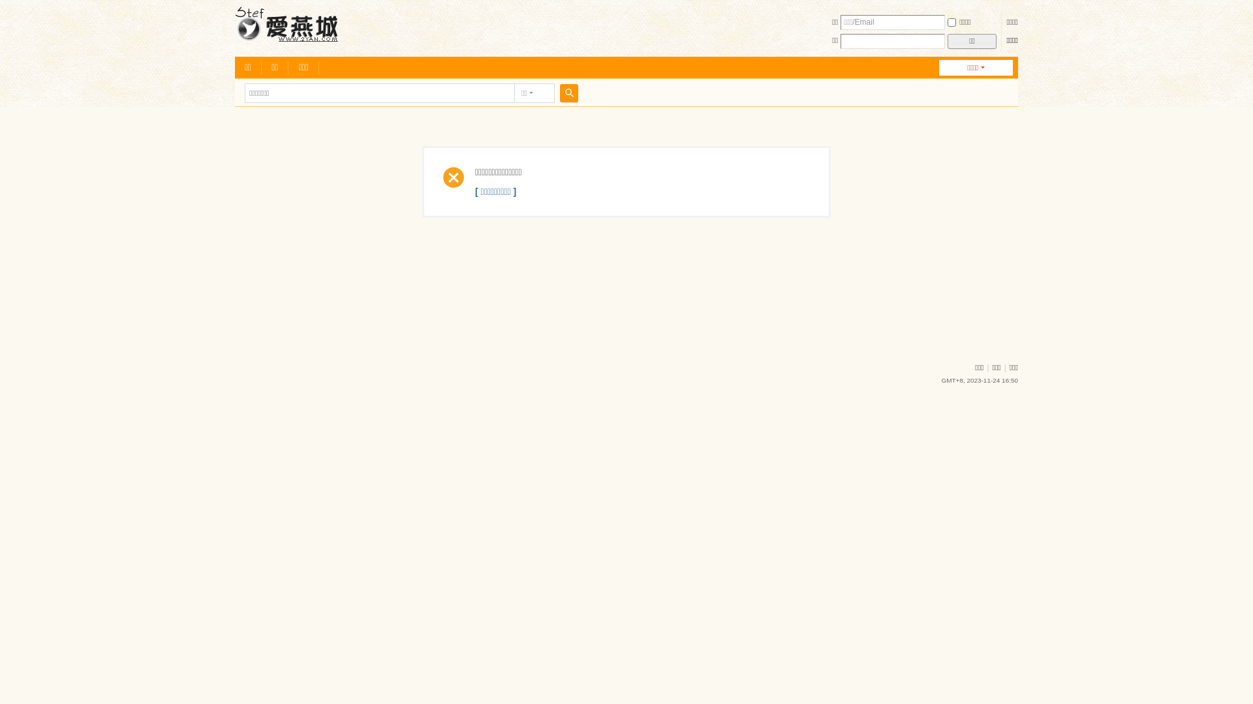 The height and width of the screenshot is (704, 1253). I want to click on 'true', so click(569, 92).